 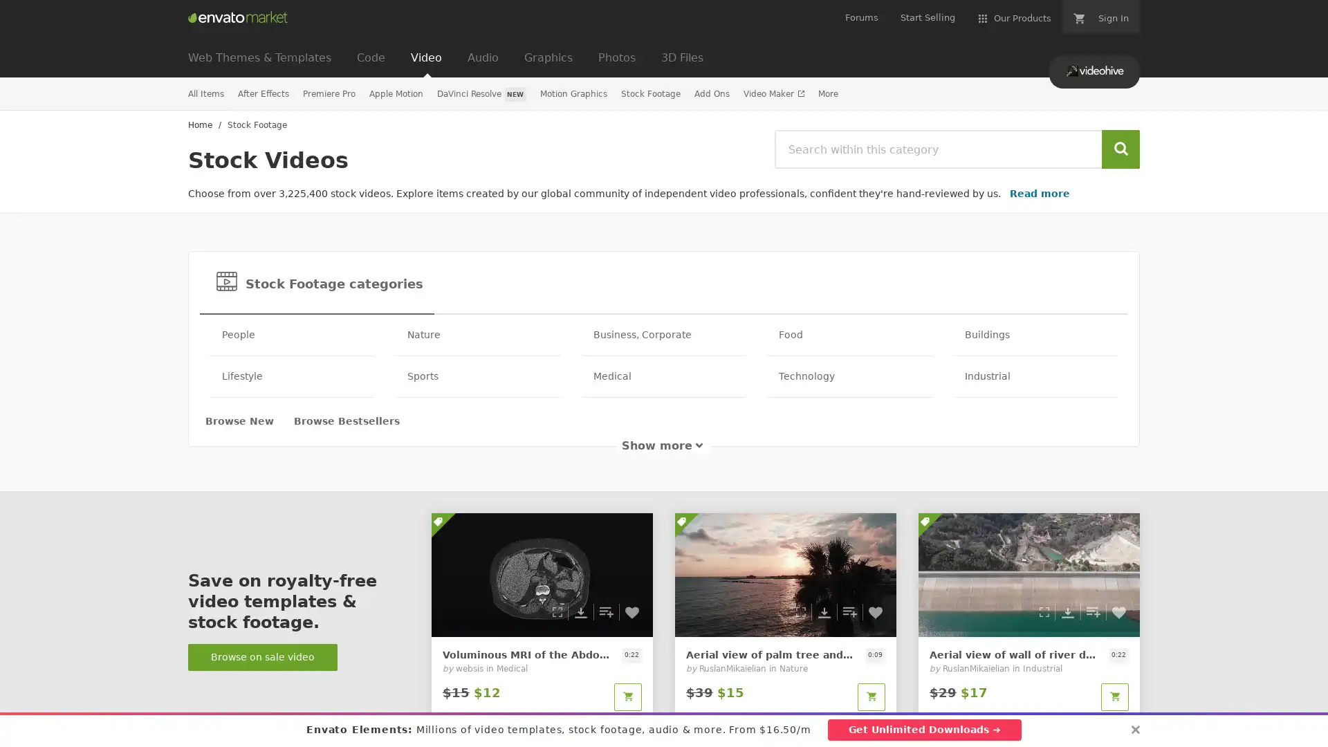 I want to click on Search, so click(x=1120, y=149).